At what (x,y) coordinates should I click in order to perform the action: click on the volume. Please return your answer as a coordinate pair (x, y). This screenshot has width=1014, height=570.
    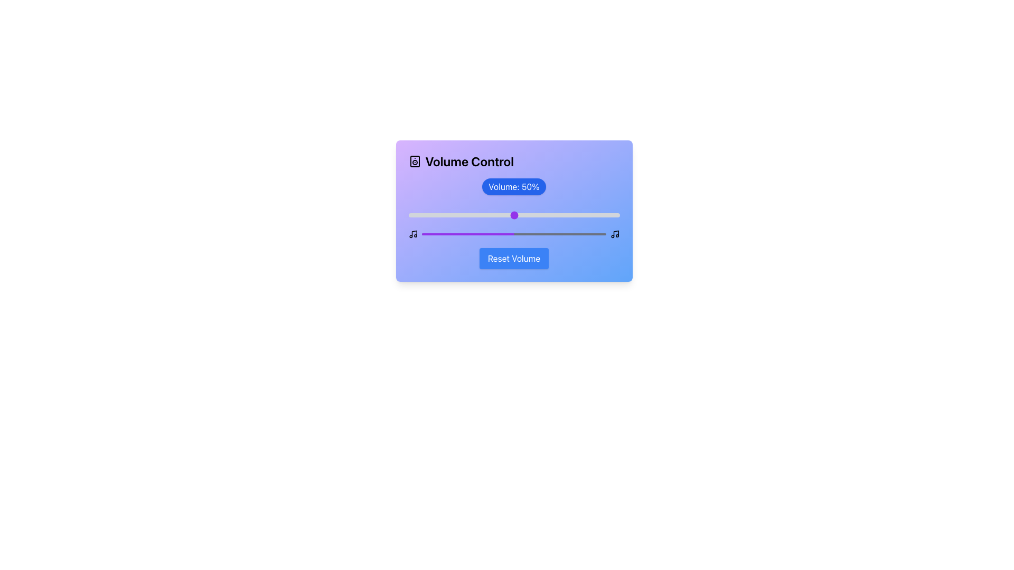
    Looking at the image, I should click on (585, 233).